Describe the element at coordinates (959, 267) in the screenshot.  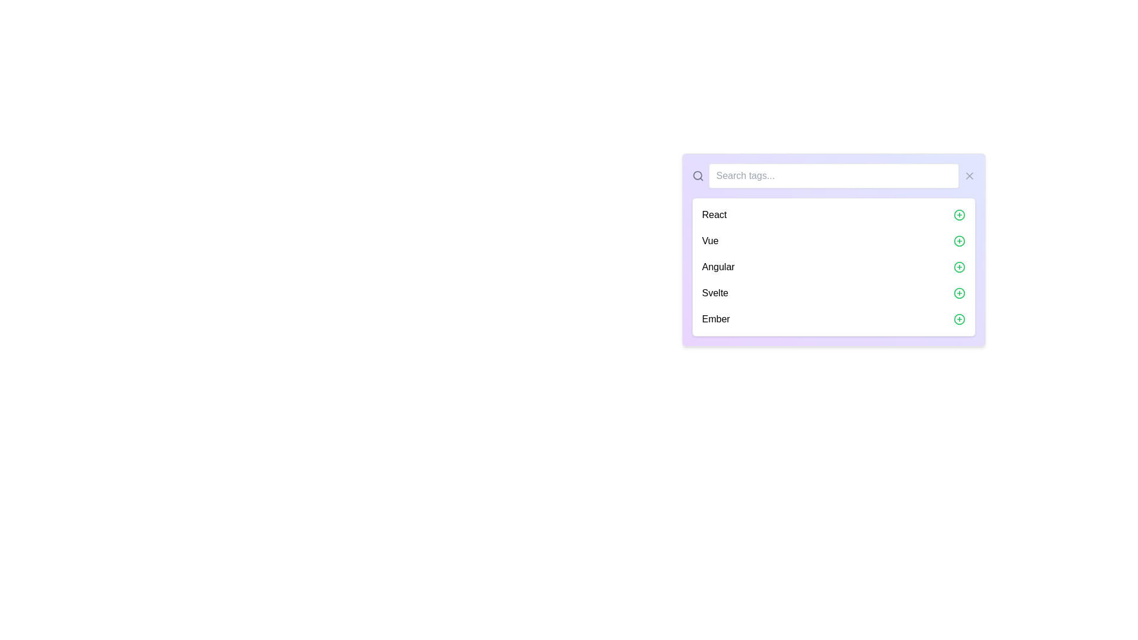
I see `the decorative SVG circle representing the 'circle plus' icon located to the right of the 'Angular' item in the list` at that location.